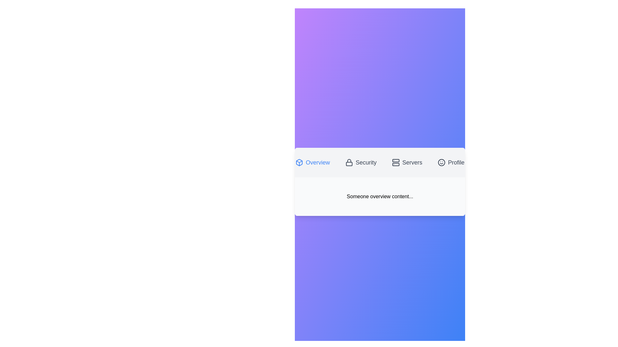  I want to click on the padlock icon representing the 'Security' option in the horizontal navigation menu, which is the second element from the left, so click(349, 162).